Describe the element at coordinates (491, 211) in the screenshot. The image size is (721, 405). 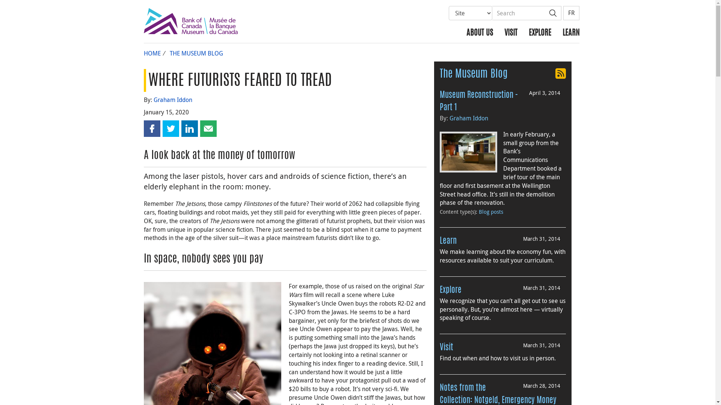
I see `'Blog posts'` at that location.